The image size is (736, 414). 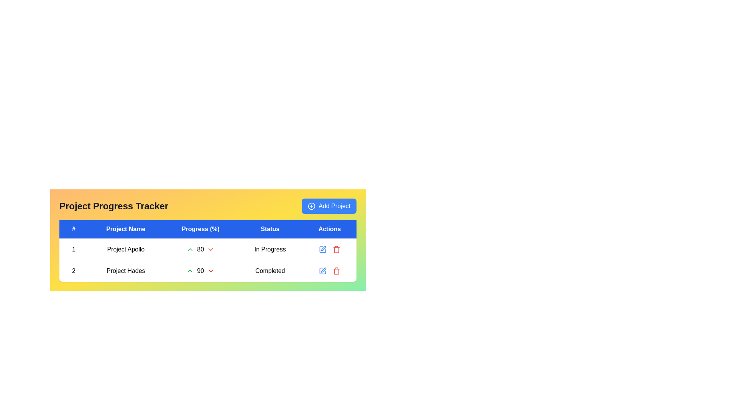 I want to click on the blue-colored icon styled as a square-edged pen or edit symbol in the 'Actions' column for the second row of the table under 'Project Hades', so click(x=322, y=250).